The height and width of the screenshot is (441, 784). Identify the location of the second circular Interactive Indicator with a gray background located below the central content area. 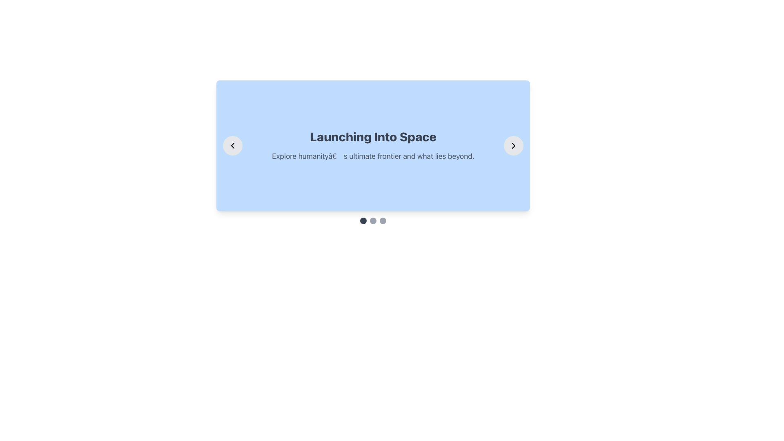
(372, 220).